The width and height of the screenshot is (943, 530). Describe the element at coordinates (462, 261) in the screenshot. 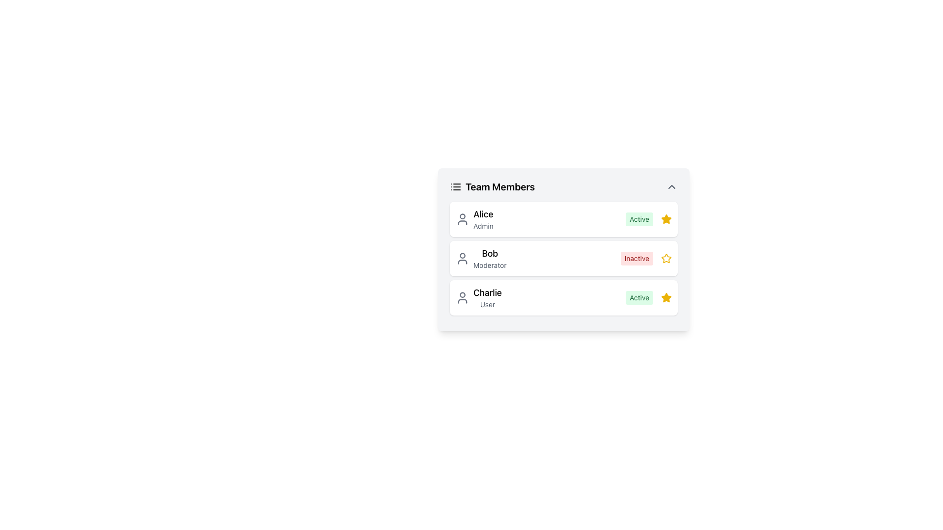

I see `the lower part of the user profile SVG icon representing the torso, located next to 'Bob' in the second row of the 'Team Members' list, directly to the left of the 'Moderator' label` at that location.